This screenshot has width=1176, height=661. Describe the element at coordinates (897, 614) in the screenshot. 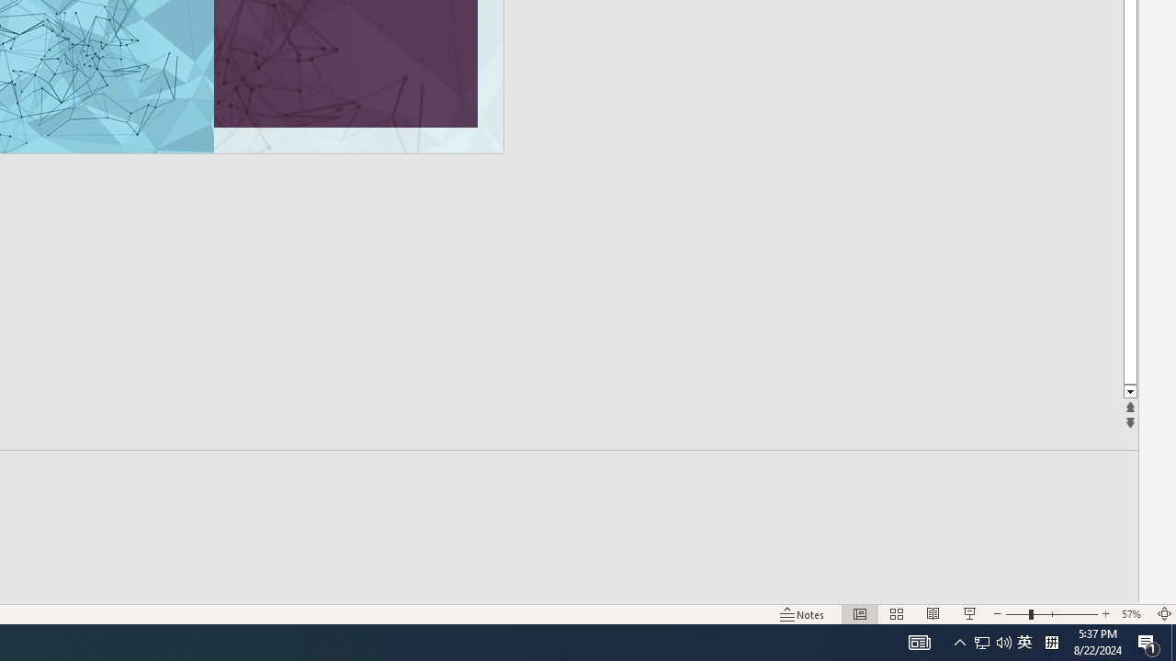

I see `'Slide Sorter'` at that location.